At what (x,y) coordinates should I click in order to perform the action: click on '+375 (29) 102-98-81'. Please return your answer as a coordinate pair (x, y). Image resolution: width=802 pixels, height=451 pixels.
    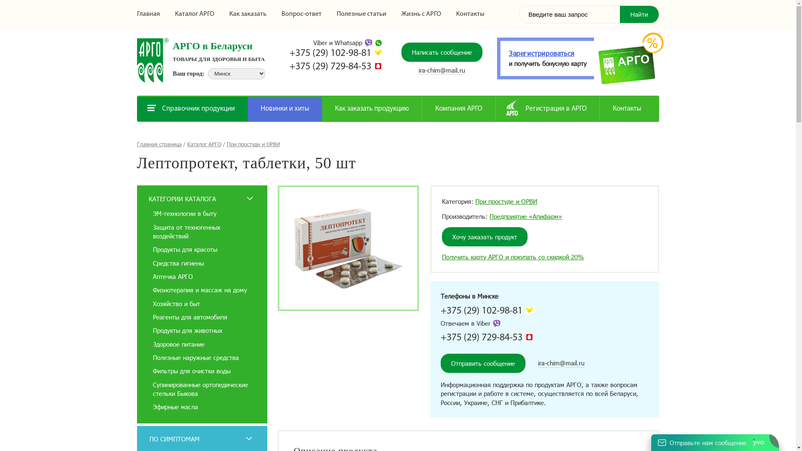
    Looking at the image, I should click on (440, 311).